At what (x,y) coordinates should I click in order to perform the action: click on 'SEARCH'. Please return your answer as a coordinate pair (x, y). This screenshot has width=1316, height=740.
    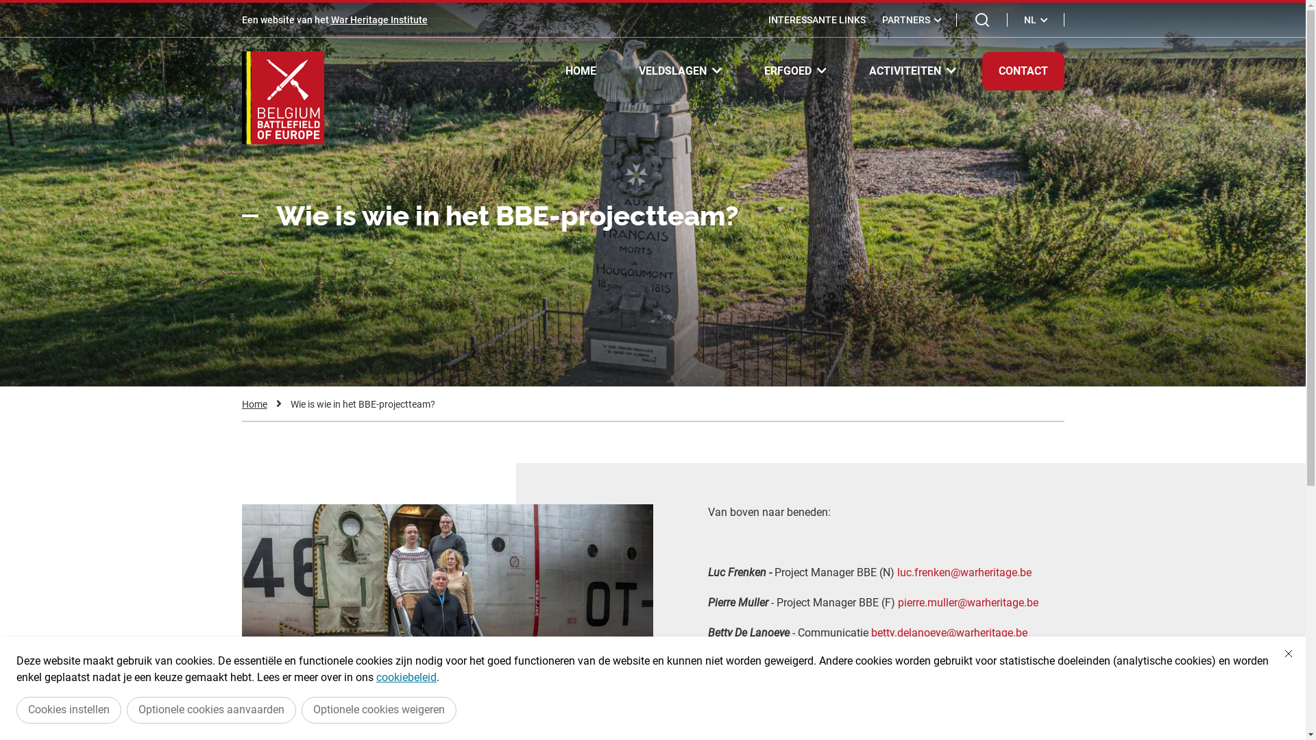
    Looking at the image, I should click on (982, 20).